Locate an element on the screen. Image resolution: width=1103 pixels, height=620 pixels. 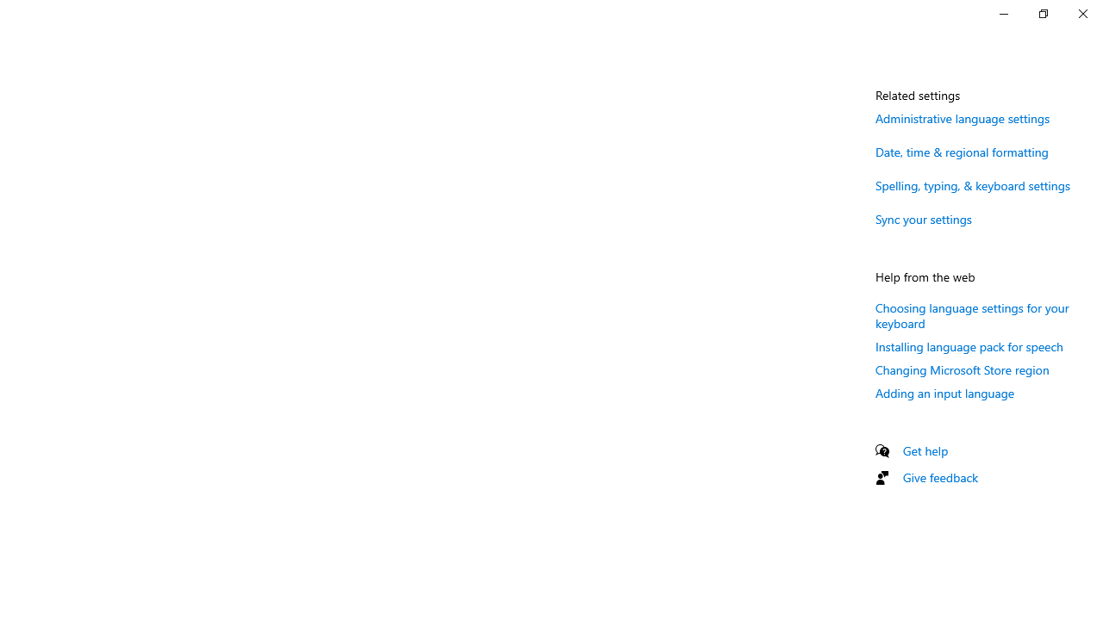
'Spelling, typing, & keyboard settings' is located at coordinates (972, 185).